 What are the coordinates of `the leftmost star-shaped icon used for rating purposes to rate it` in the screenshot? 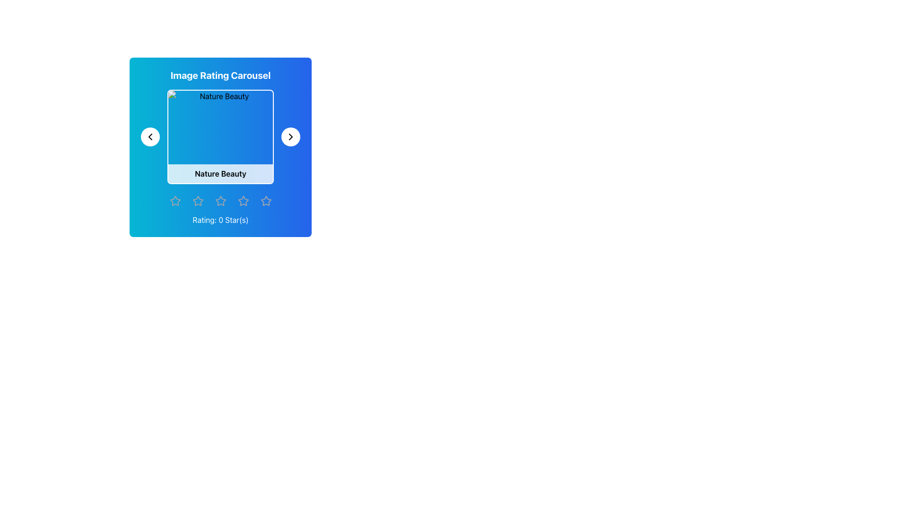 It's located at (175, 200).